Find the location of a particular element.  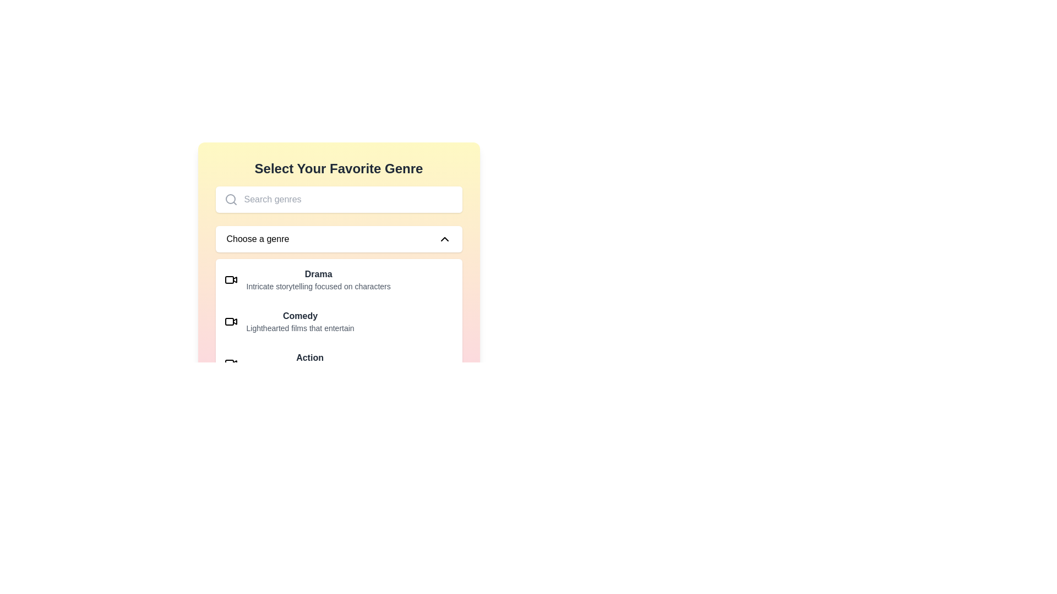

the 'Action' genre icon, which visually represents the genre selection option and is positioned to the left of the 'Action' label is located at coordinates (230, 363).